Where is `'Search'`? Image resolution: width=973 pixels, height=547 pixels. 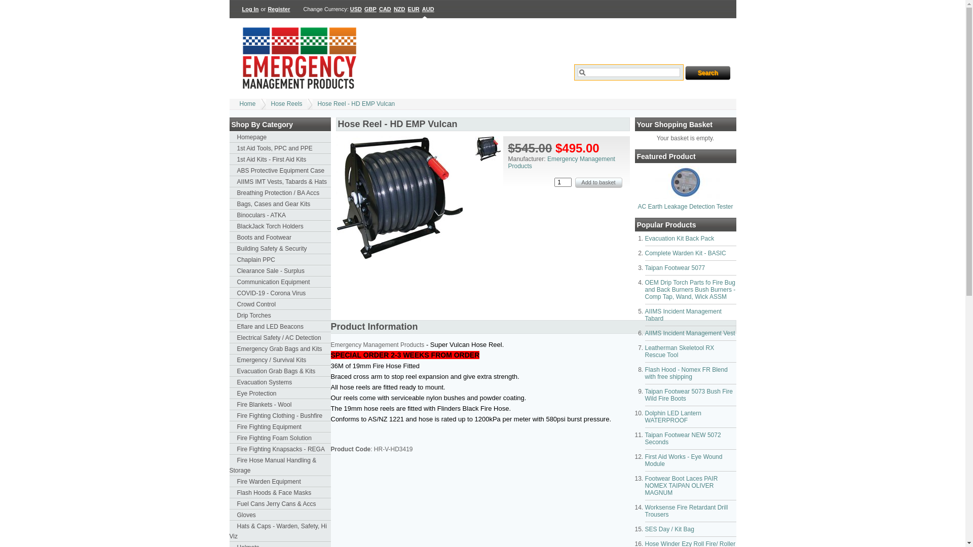
'Search' is located at coordinates (707, 72).